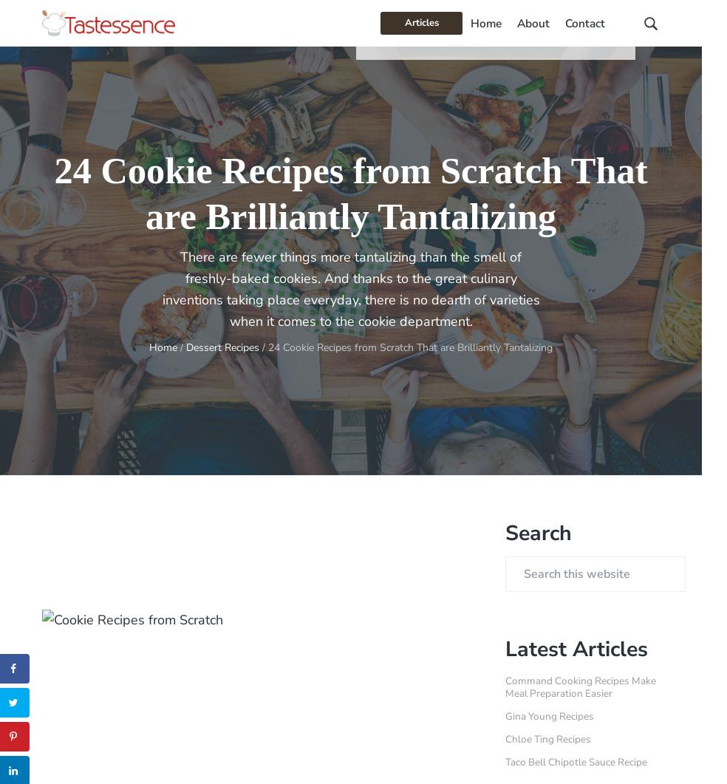 The height and width of the screenshot is (784, 727). What do you see at coordinates (580, 686) in the screenshot?
I see `'Command Cooking Recipes Make Meal Preparation Easier'` at bounding box center [580, 686].